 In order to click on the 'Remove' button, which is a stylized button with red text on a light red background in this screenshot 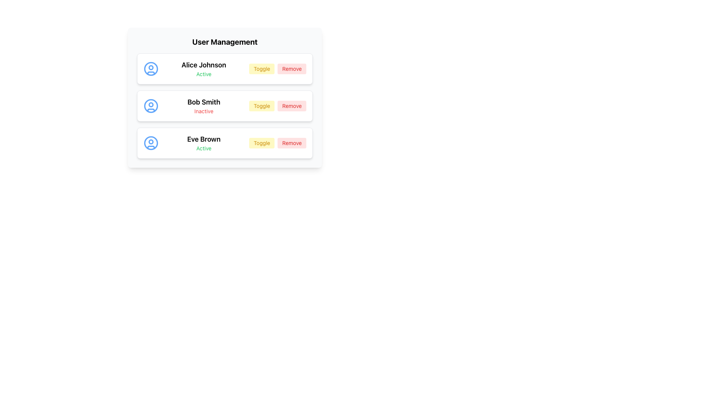, I will do `click(292, 106)`.